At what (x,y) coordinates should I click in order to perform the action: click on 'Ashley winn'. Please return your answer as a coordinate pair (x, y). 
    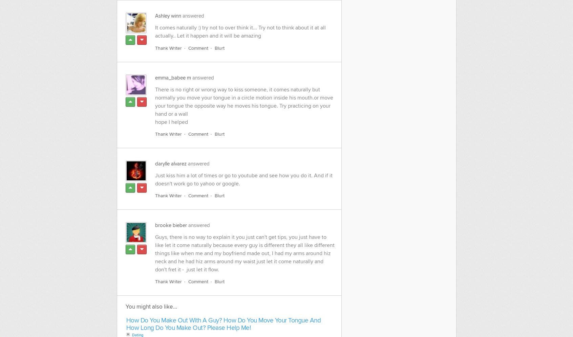
    Looking at the image, I should click on (168, 15).